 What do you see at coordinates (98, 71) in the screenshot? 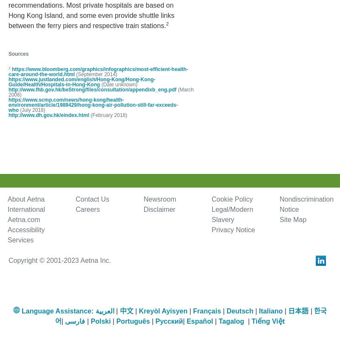
I see `'https://www.bloomberg.com/graphics/infographics/most-efficient-health-care-around-the-world.html'` at bounding box center [98, 71].